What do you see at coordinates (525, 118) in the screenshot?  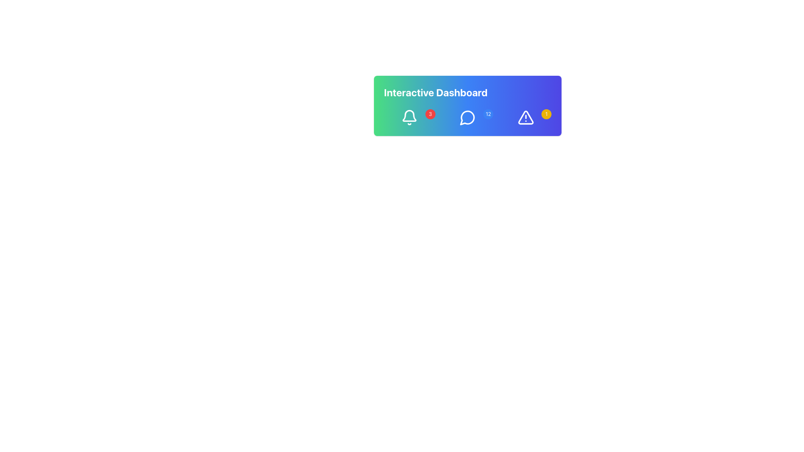 I see `the alert icon, which is the third icon from the left in the toolbar` at bounding box center [525, 118].